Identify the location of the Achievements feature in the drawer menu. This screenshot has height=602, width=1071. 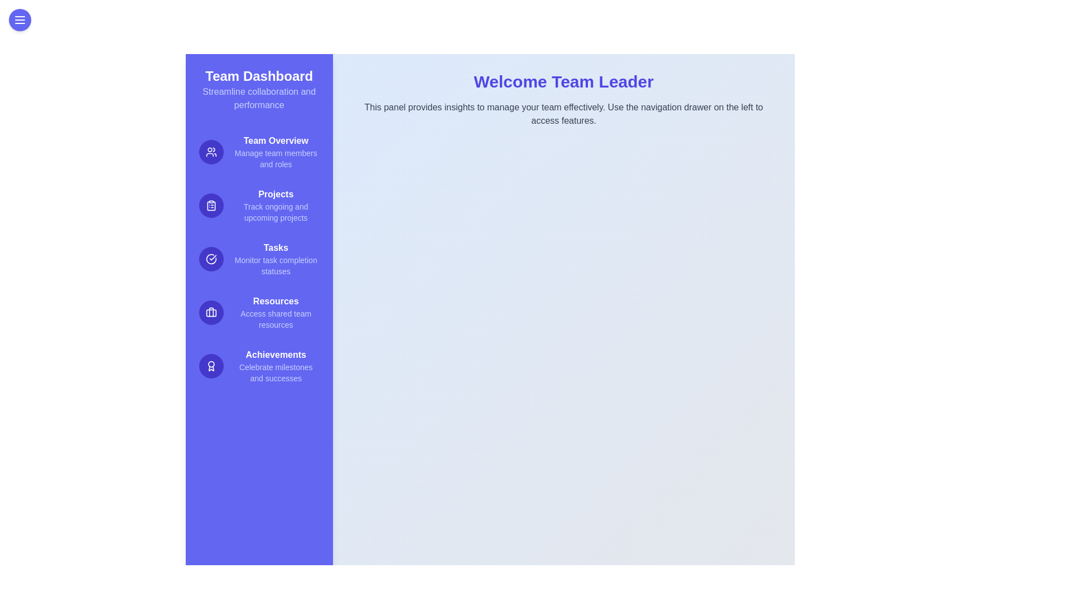
(258, 366).